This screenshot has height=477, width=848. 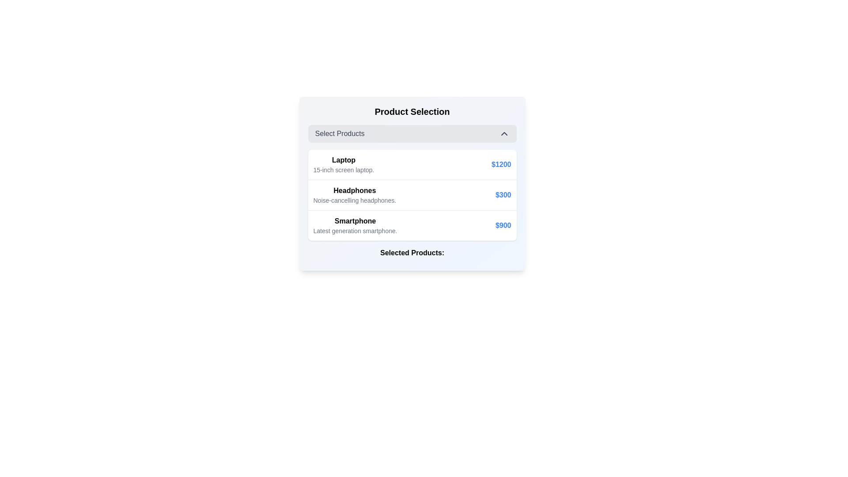 I want to click on the first selectable product item in the list, so click(x=412, y=165).